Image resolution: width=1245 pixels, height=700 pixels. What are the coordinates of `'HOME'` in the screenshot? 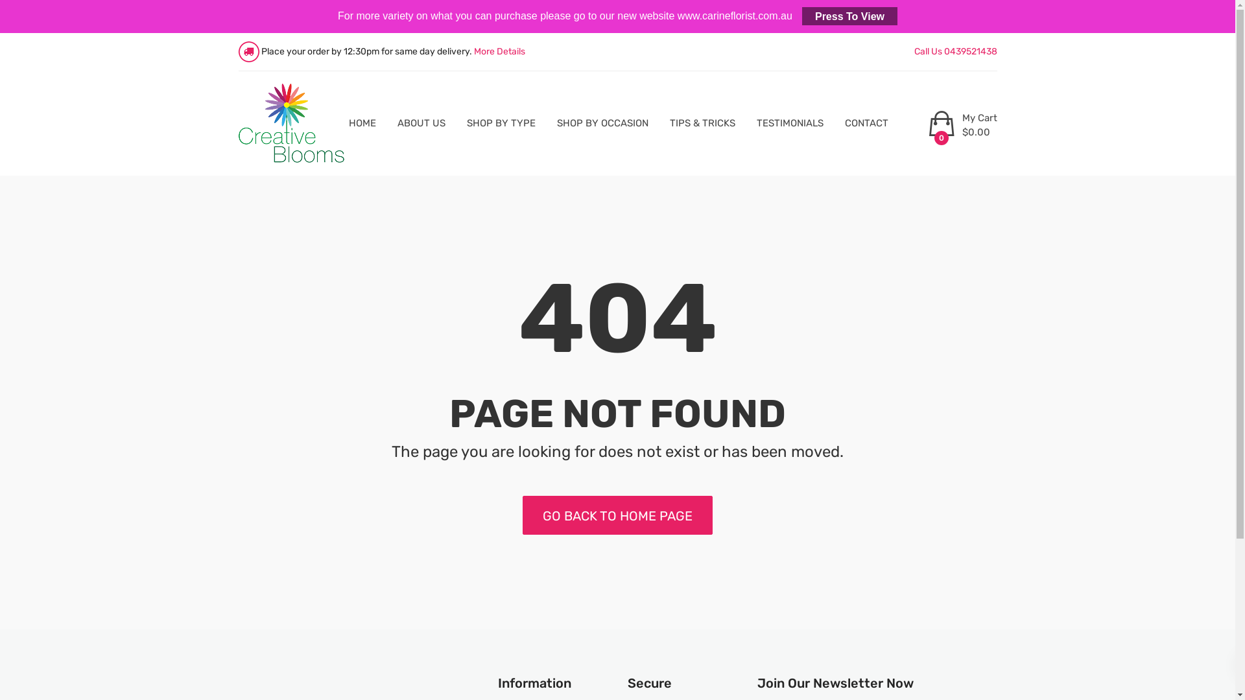 It's located at (348, 123).